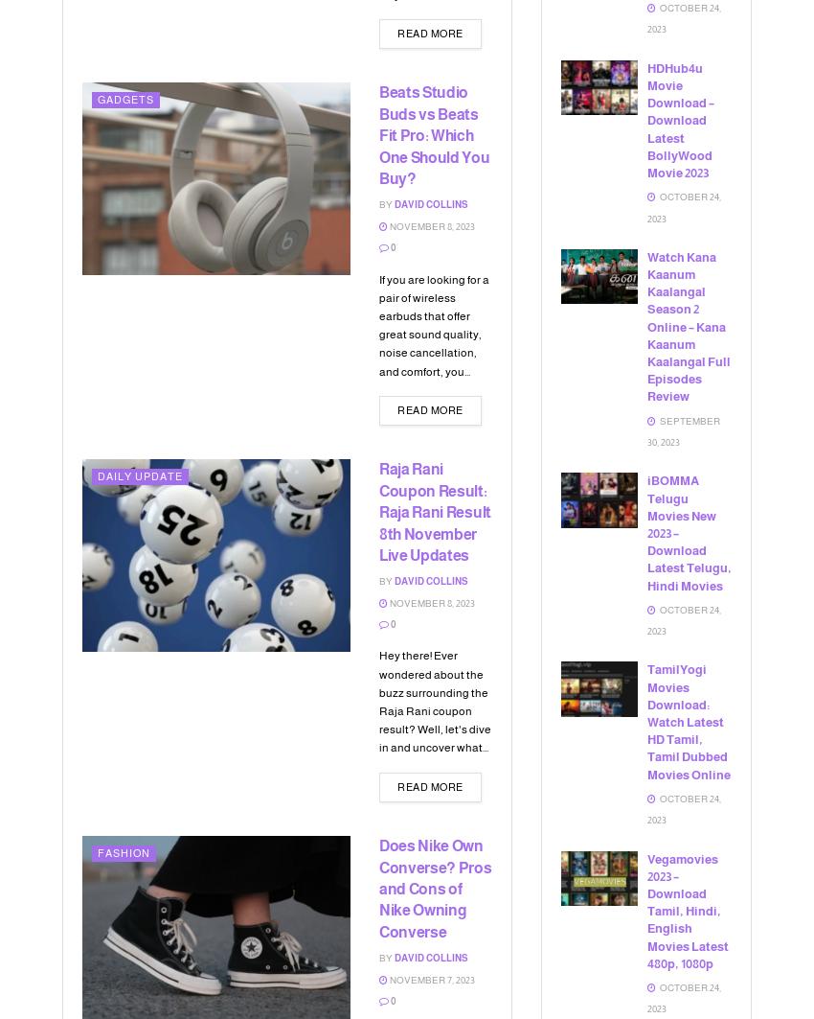 The height and width of the screenshot is (1019, 814). What do you see at coordinates (688, 326) in the screenshot?
I see `'Watch Kana Kaanum Kaalangal Season 2 Online – Kana Kaanum Kaalangal Full Episodes Review'` at bounding box center [688, 326].